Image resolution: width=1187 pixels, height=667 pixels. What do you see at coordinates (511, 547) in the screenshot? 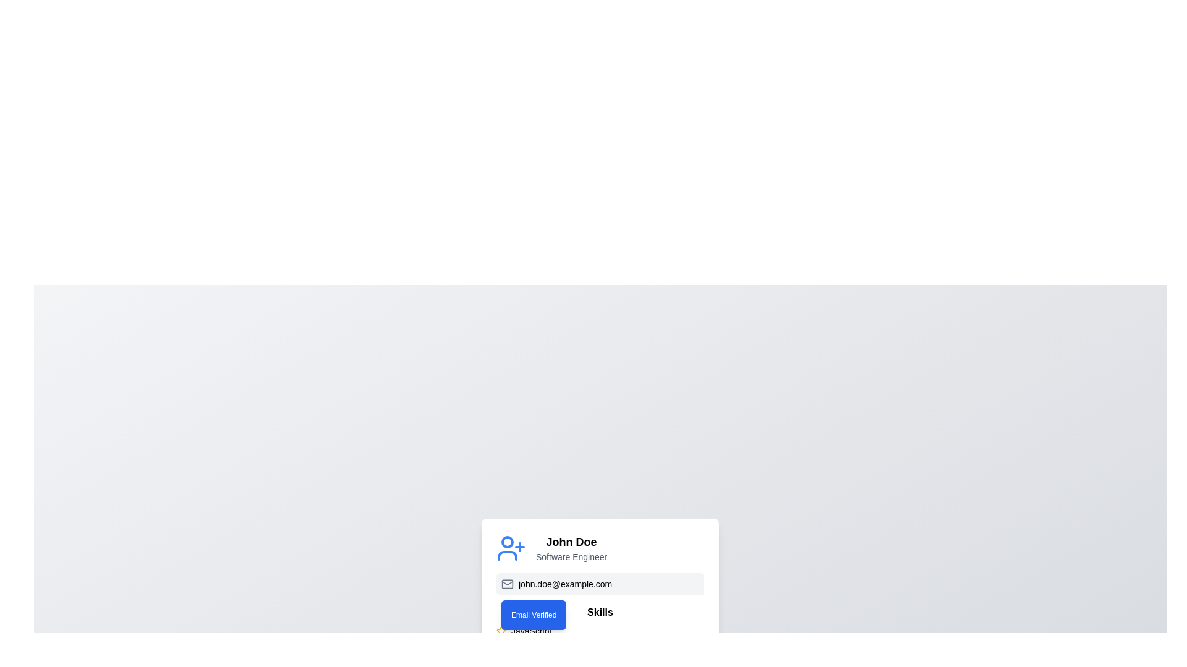
I see `the user management icon located to the far left of the user's name 'John Doe' and title 'Software Engineer'` at bounding box center [511, 547].